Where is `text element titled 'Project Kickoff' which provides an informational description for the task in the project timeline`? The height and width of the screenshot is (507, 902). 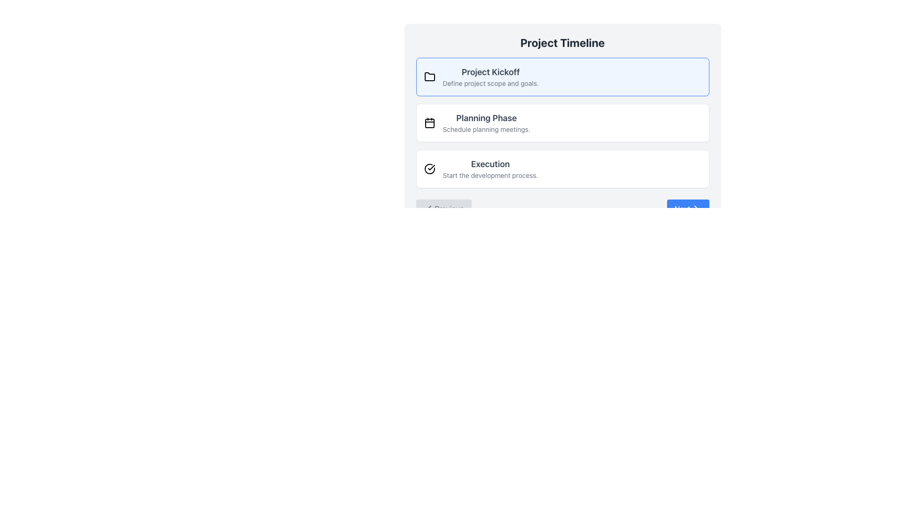
text element titled 'Project Kickoff' which provides an informational description for the task in the project timeline is located at coordinates (490, 77).